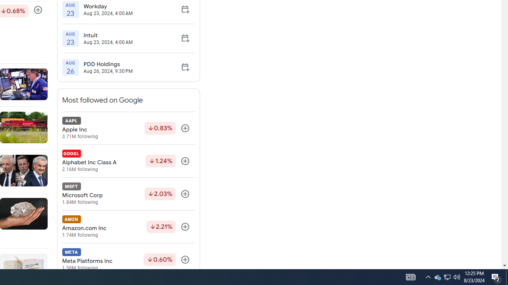 The width and height of the screenshot is (508, 285). What do you see at coordinates (128, 194) in the screenshot?
I see `'MSFT Microsoft Corp 1.84M following Down by 2.03% Follow'` at bounding box center [128, 194].